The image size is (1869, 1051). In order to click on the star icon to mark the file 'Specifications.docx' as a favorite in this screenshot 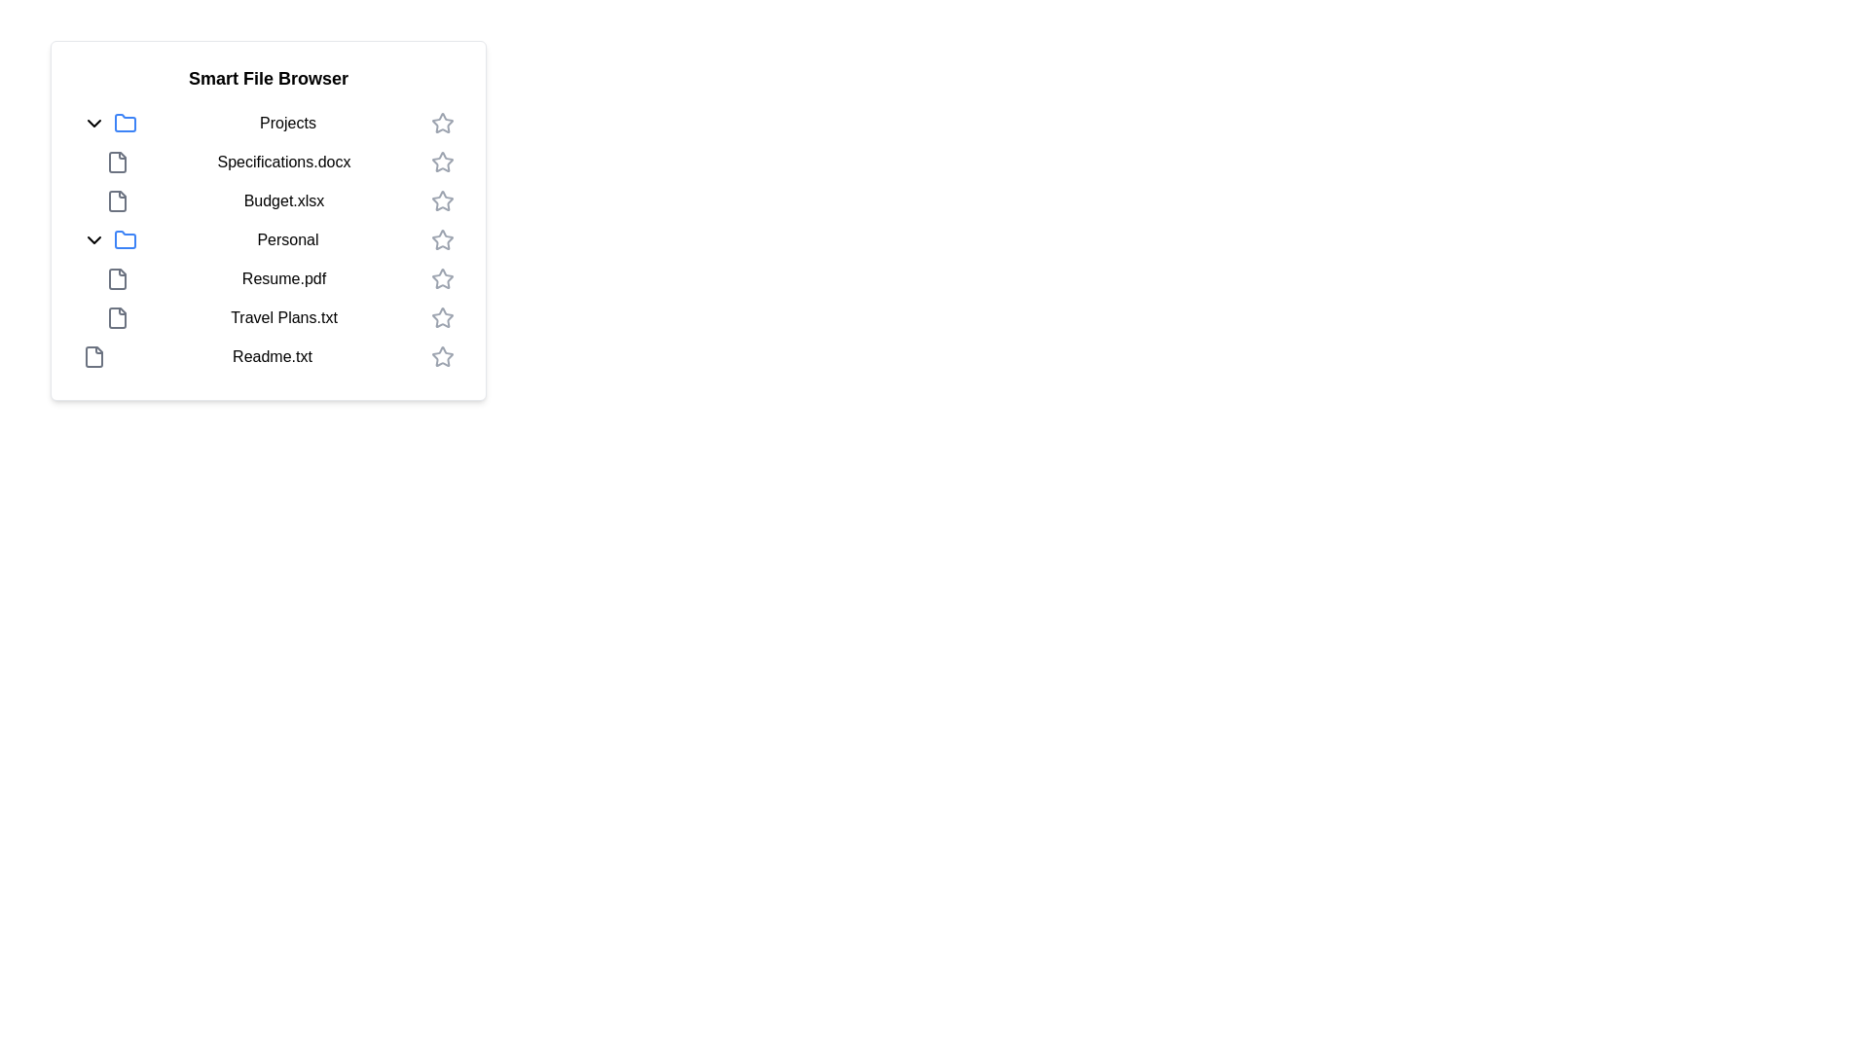, I will do `click(442, 161)`.